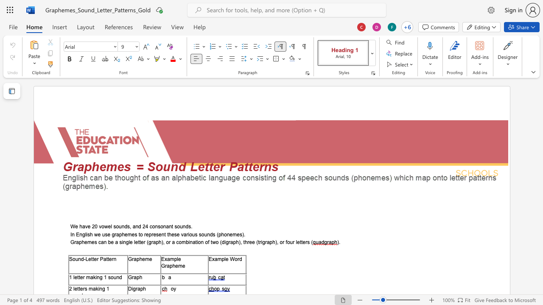  Describe the element at coordinates (107, 226) in the screenshot. I see `the space between the continuous character "w" and "e" in the text` at that location.